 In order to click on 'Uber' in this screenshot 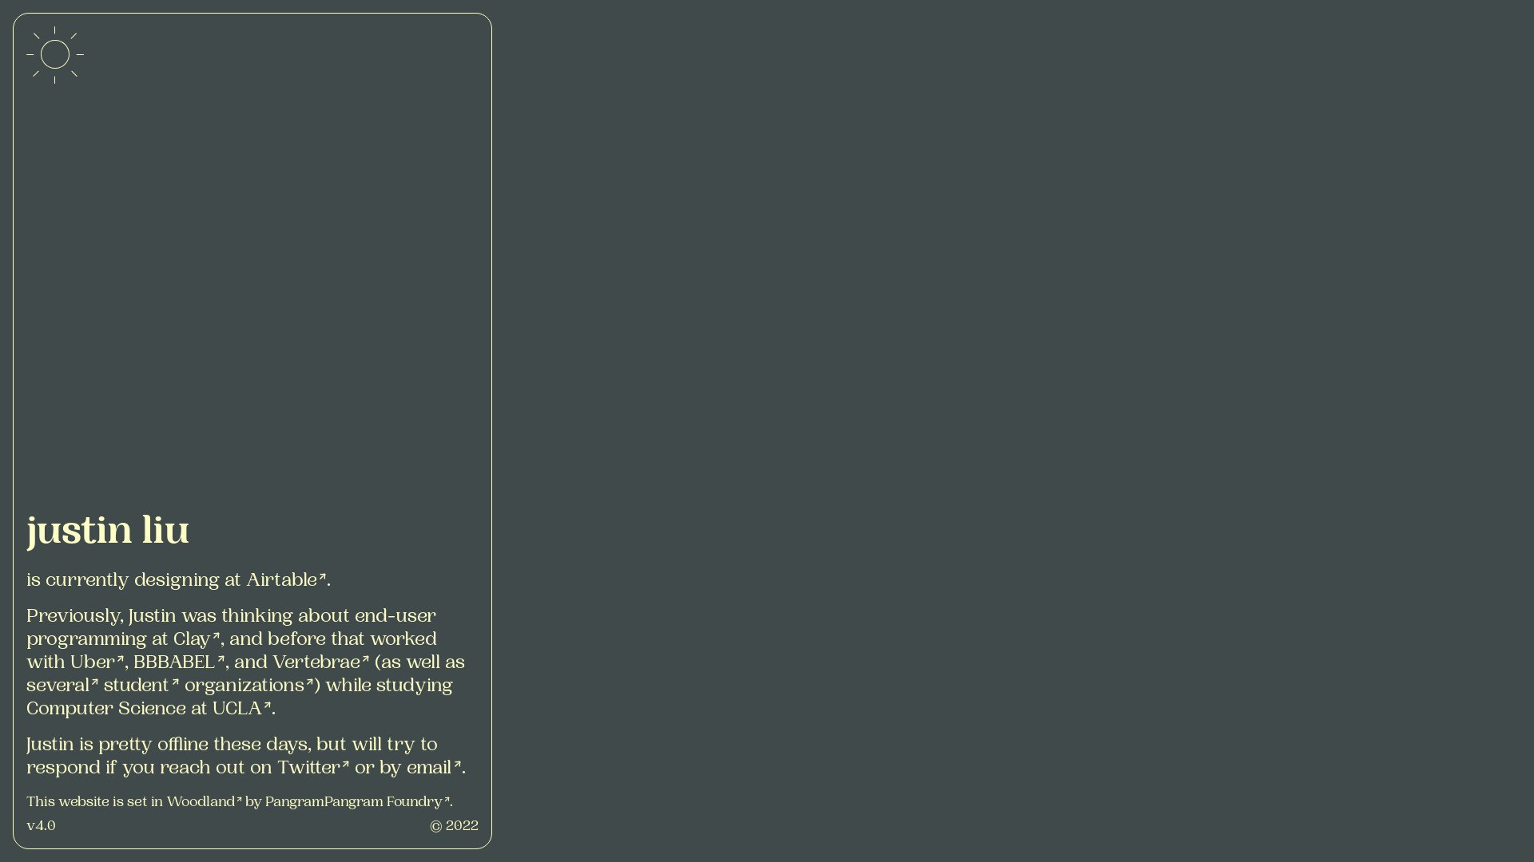, I will do `click(96, 664)`.